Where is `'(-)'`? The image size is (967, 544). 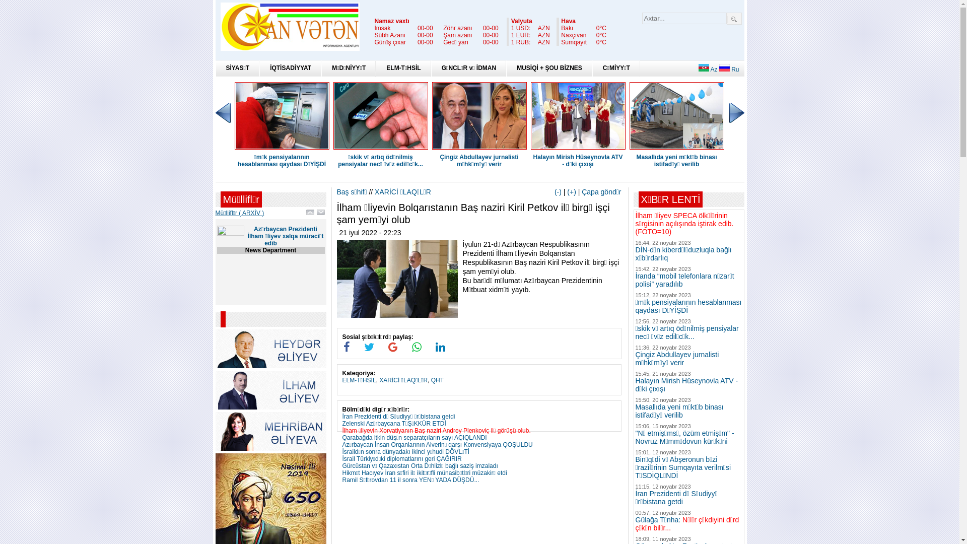 '(-)' is located at coordinates (558, 192).